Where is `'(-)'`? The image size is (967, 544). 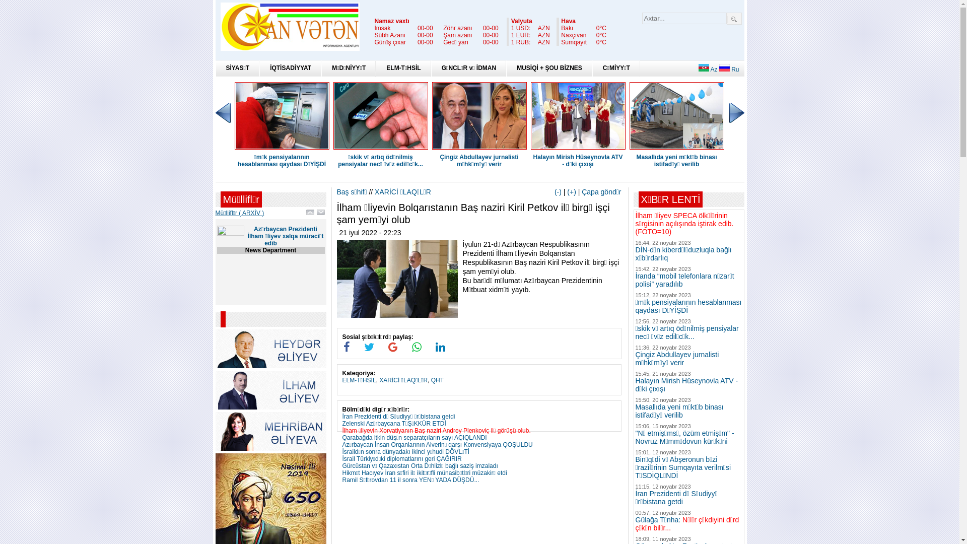 '(-)' is located at coordinates (558, 192).